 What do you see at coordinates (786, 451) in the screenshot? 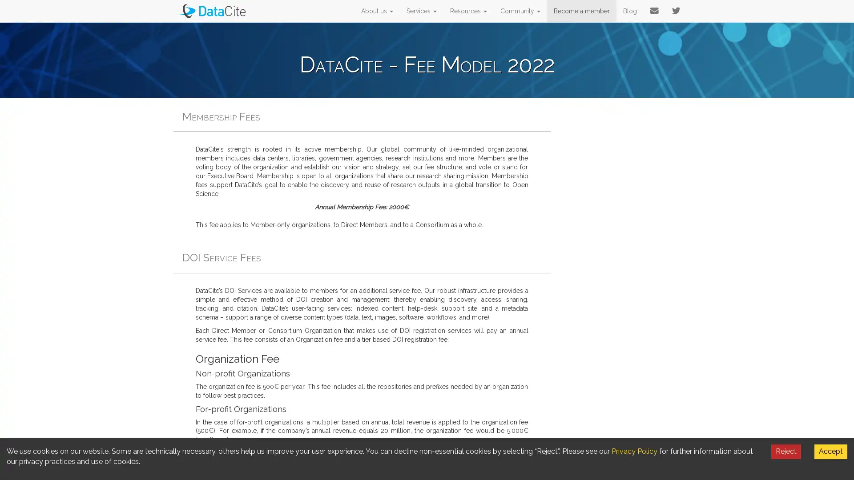
I see `Decline cookies` at bounding box center [786, 451].